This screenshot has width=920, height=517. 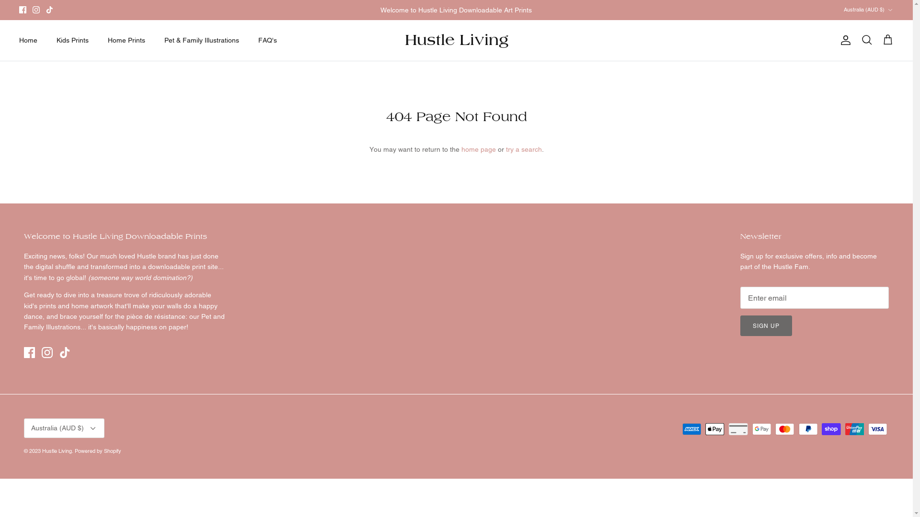 What do you see at coordinates (869, 10) in the screenshot?
I see `'Australia (AUD $)` at bounding box center [869, 10].